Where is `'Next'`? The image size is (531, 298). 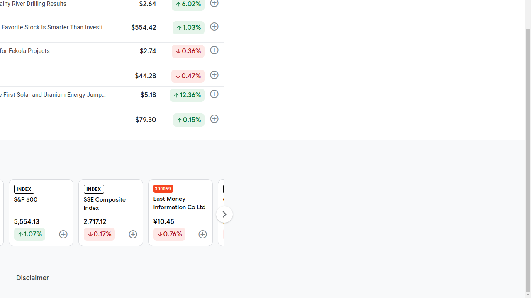
'Next' is located at coordinates (224, 214).